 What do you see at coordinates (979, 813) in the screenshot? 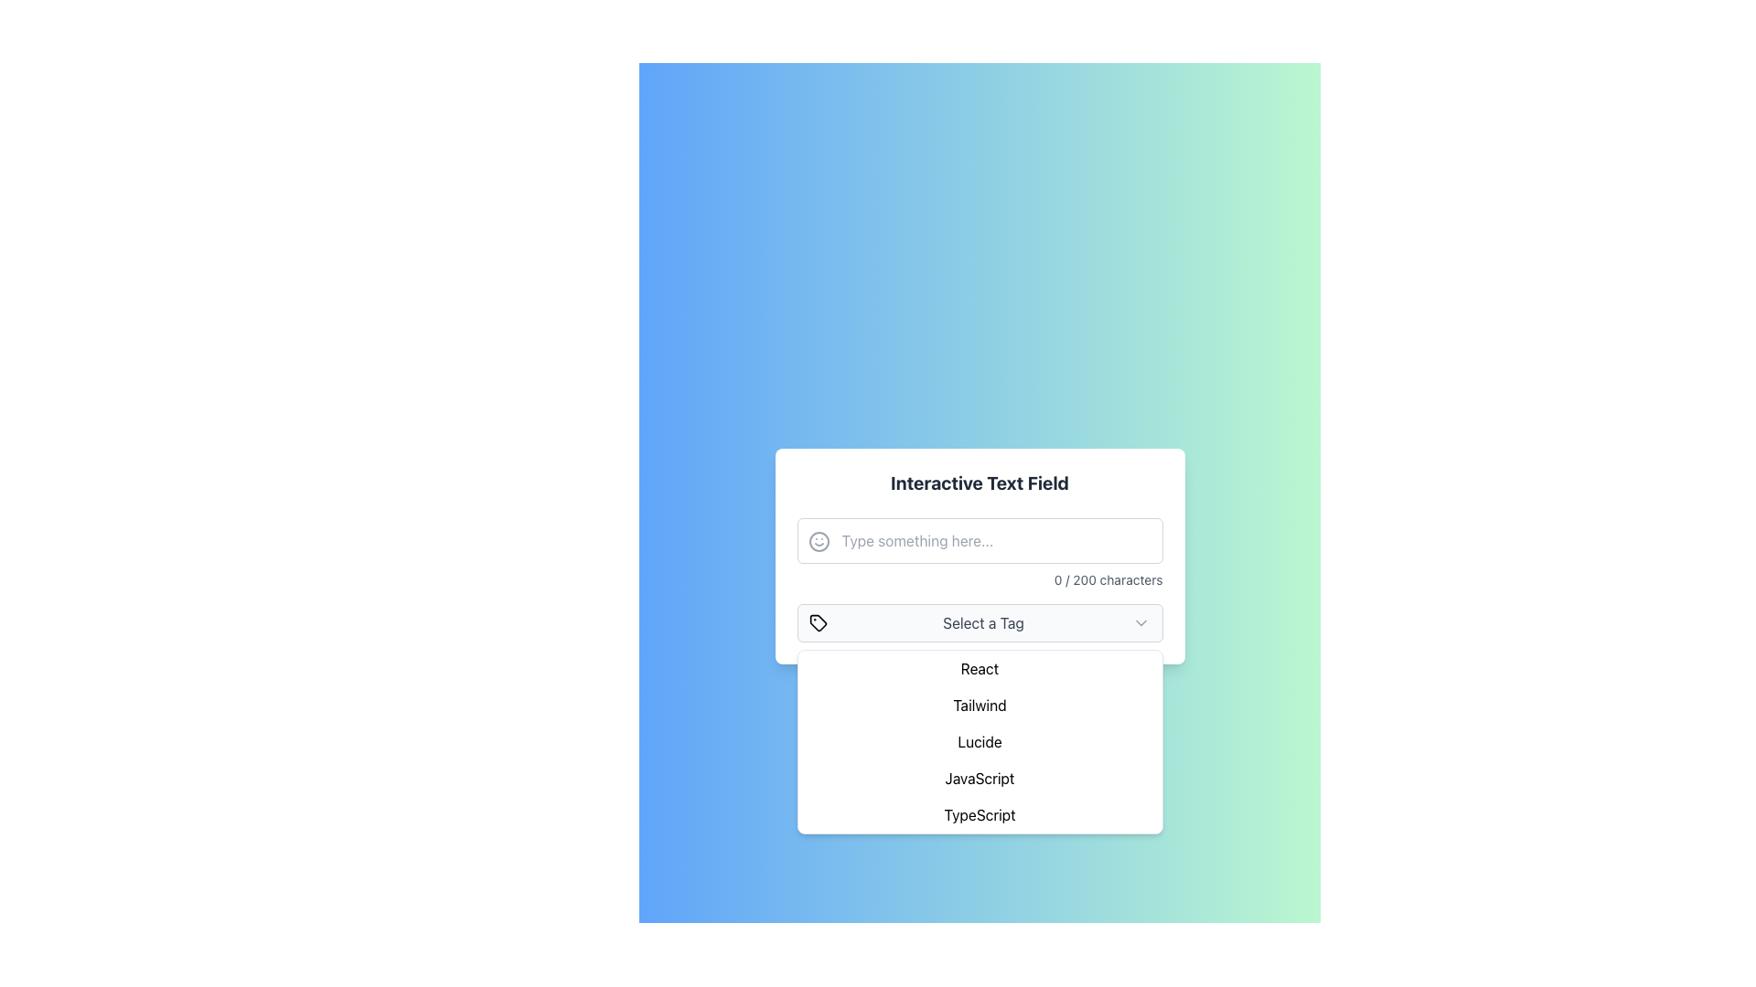
I see `the 'TypeScript' option in the dropdown menu` at bounding box center [979, 813].